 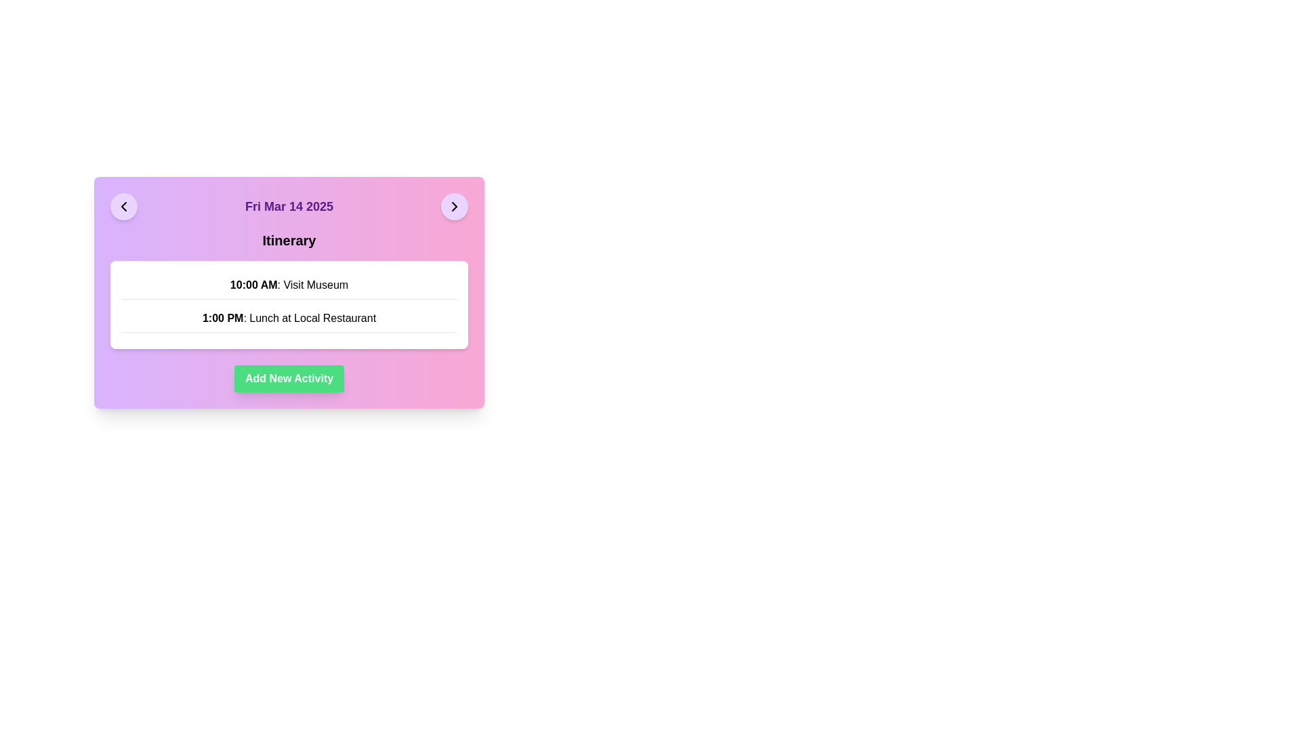 I want to click on the circular purple button with a rightward-facing chevron icon located at the top right corner of the navigation bar, so click(x=455, y=206).